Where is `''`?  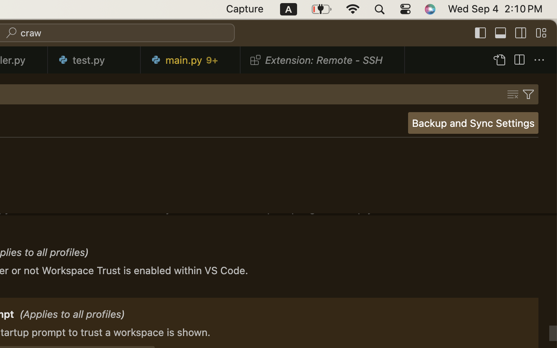 '' is located at coordinates (501, 33).